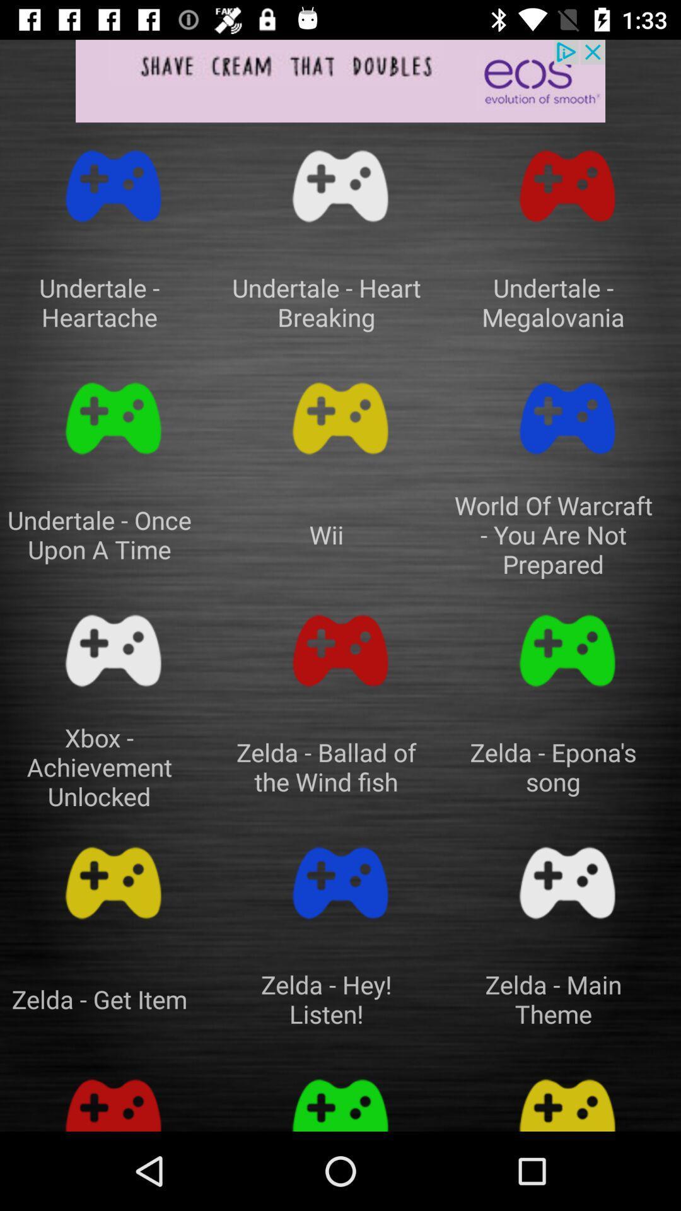 The height and width of the screenshot is (1211, 681). I want to click on click on game, so click(113, 418).